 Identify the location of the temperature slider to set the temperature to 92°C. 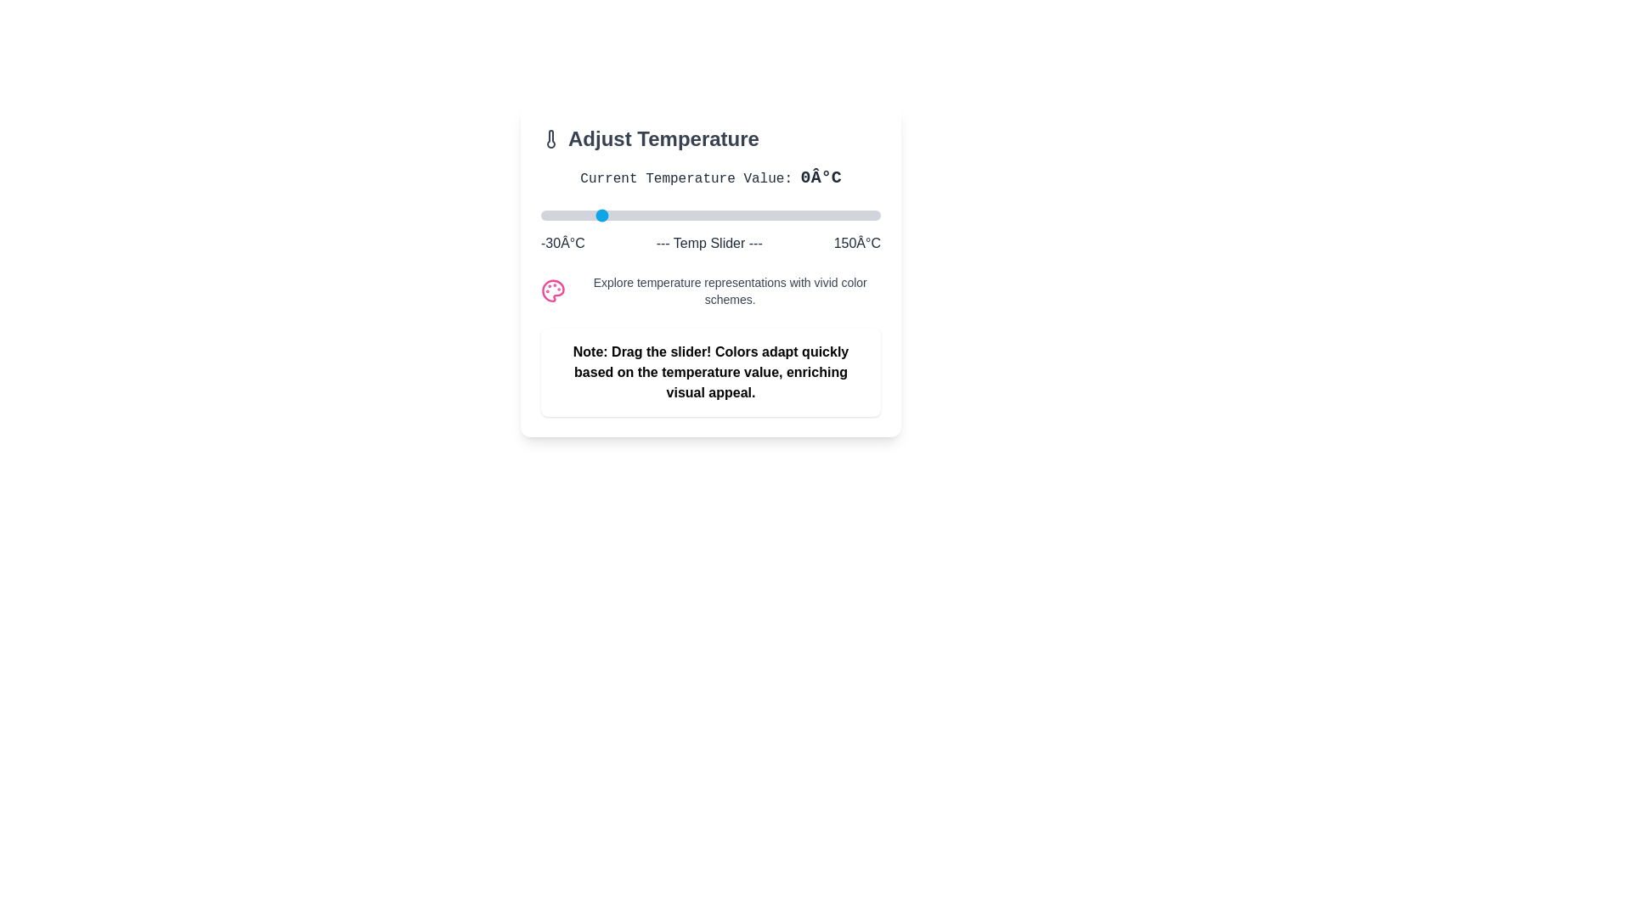
(770, 215).